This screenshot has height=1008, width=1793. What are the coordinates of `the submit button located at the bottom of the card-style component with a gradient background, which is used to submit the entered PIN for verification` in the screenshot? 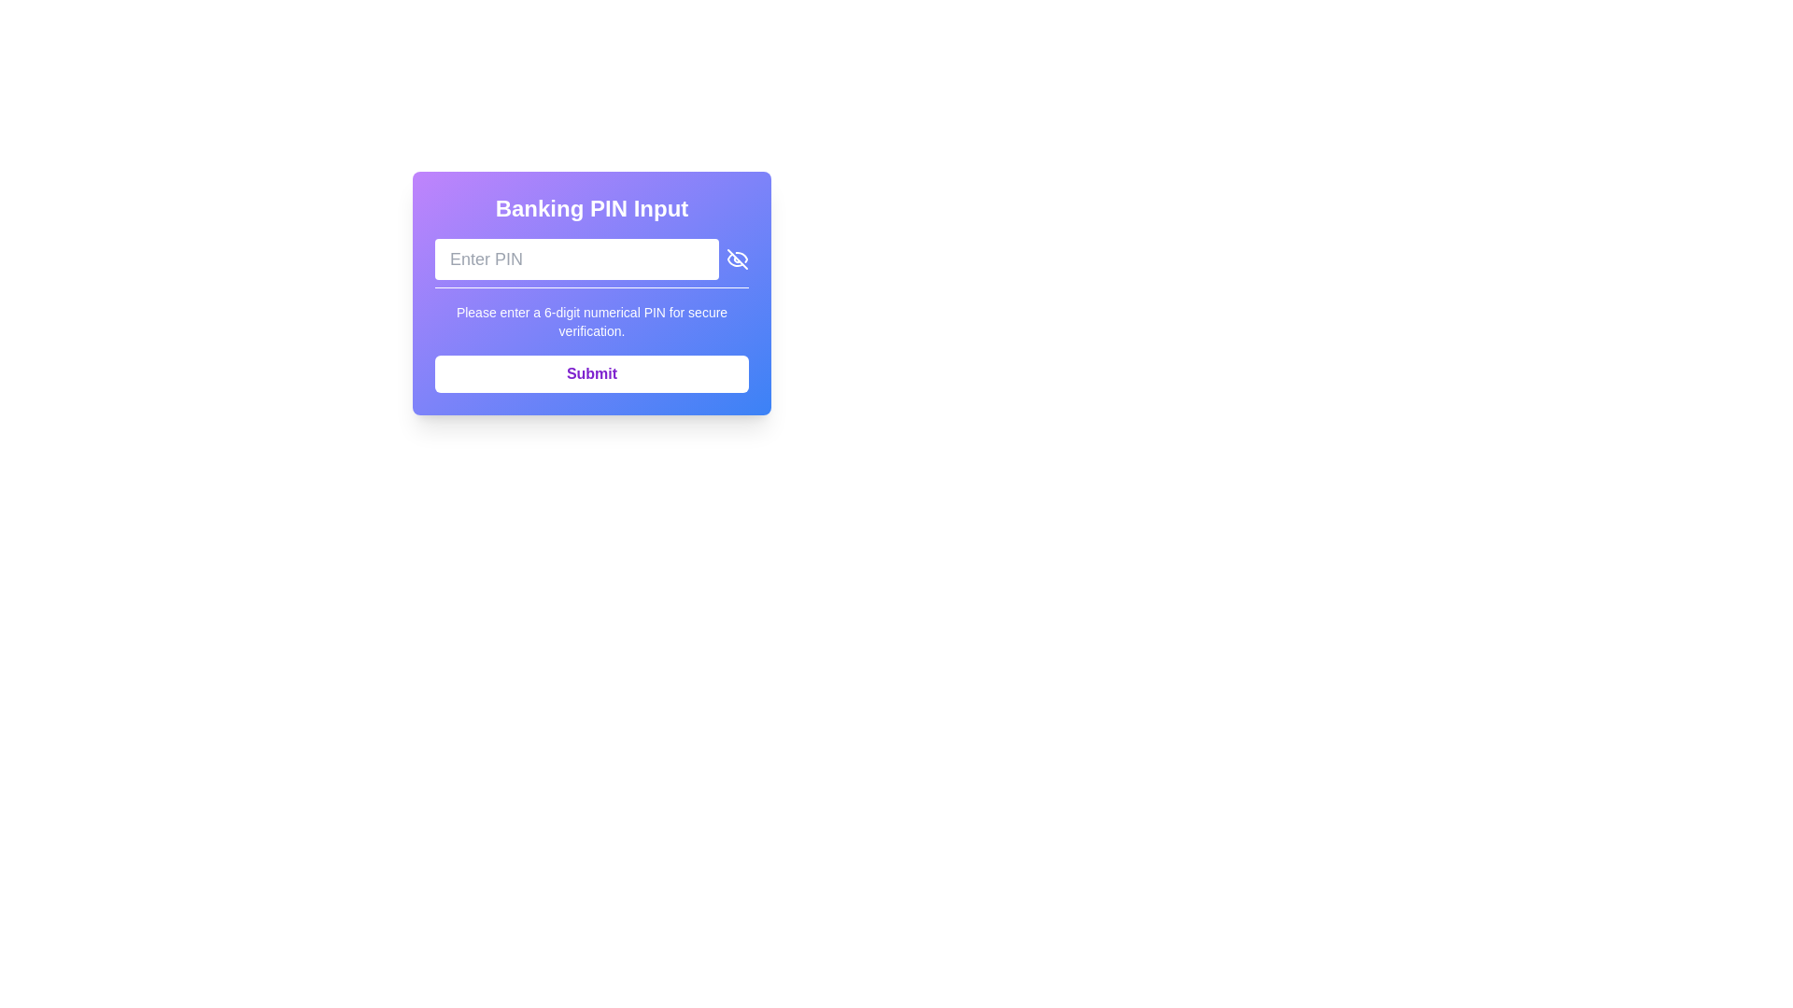 It's located at (590, 374).